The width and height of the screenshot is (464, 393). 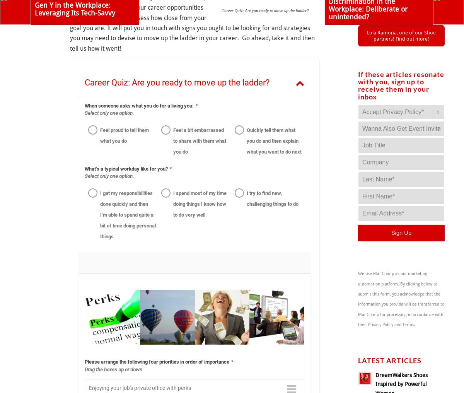 What do you see at coordinates (401, 299) in the screenshot?
I see `'We use MailChimp as our marketing automation platform. By clicking below to submit this form, you acknowledge that the information you provide will be transferred to MailChimp for processing in accordance with their'` at bounding box center [401, 299].